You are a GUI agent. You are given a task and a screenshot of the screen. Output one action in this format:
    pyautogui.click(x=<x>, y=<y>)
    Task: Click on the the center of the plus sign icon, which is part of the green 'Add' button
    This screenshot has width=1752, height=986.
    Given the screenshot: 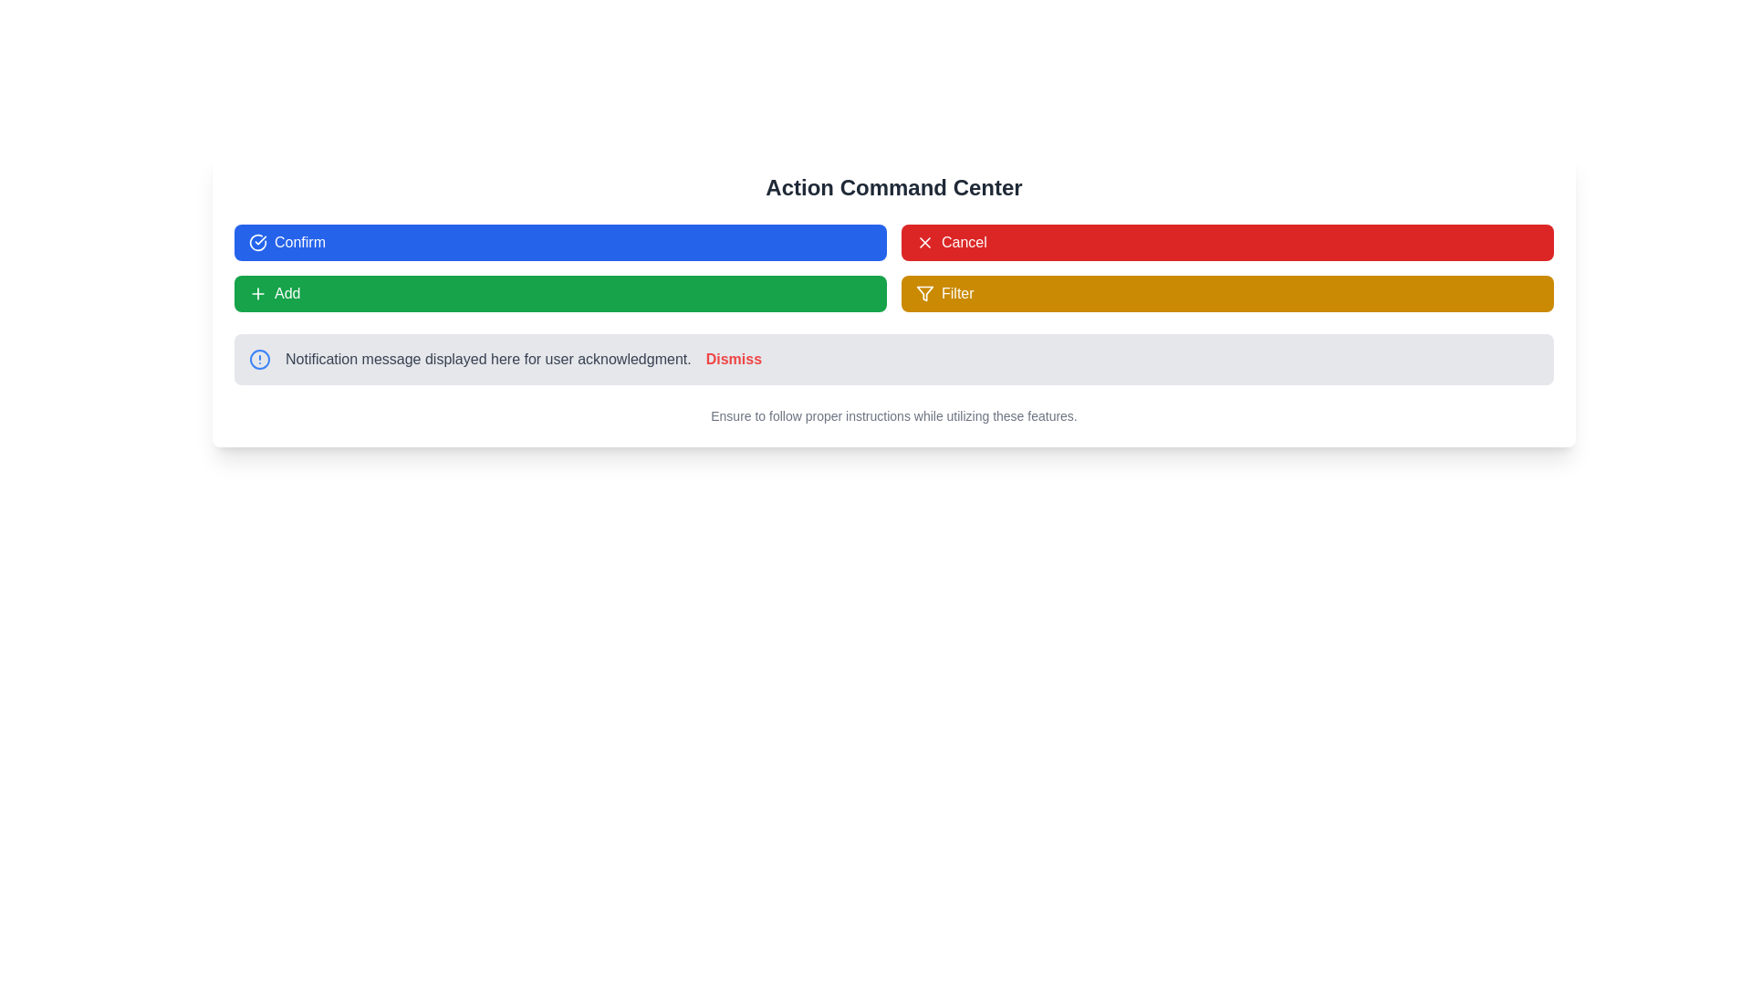 What is the action you would take?
    pyautogui.click(x=257, y=292)
    